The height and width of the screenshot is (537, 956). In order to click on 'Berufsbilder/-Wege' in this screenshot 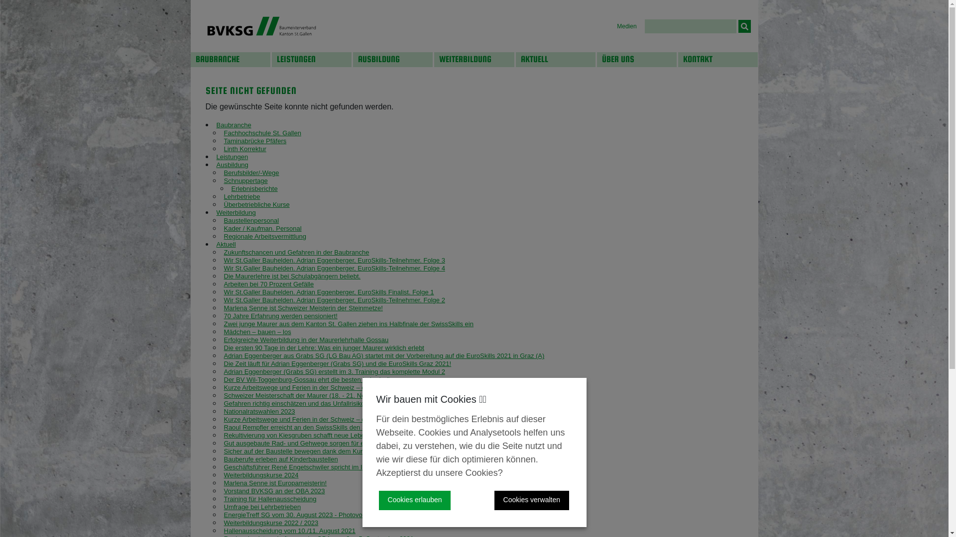, I will do `click(251, 172)`.